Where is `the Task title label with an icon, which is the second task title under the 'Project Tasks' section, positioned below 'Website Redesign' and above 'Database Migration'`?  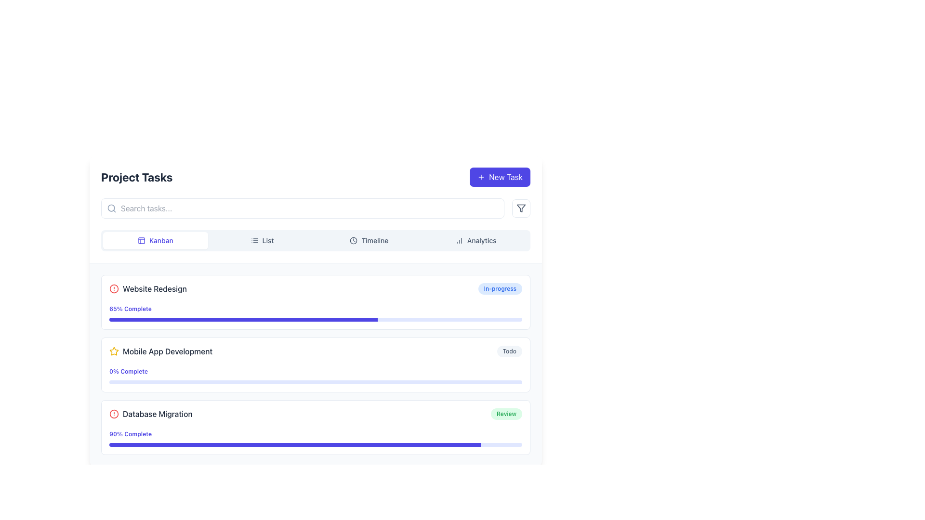
the Task title label with an icon, which is the second task title under the 'Project Tasks' section, positioned below 'Website Redesign' and above 'Database Migration' is located at coordinates (161, 351).